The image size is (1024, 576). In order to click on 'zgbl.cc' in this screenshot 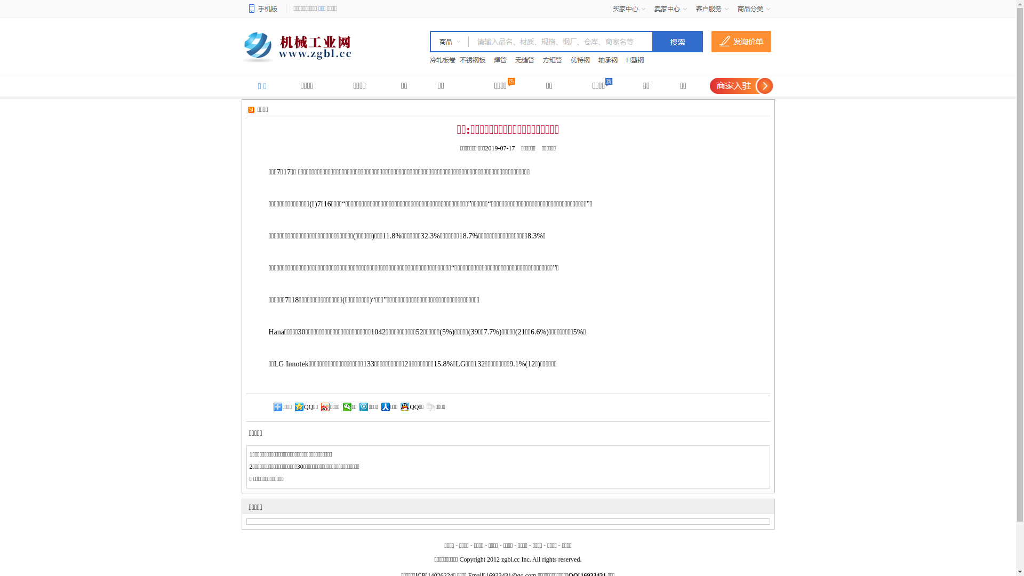, I will do `click(509, 559)`.